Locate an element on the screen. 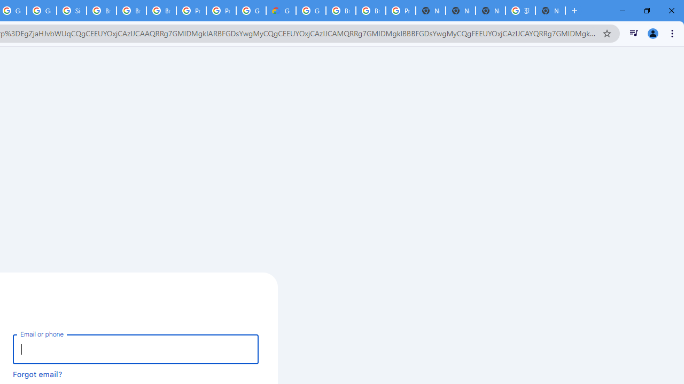 This screenshot has width=684, height=384. 'New Tab' is located at coordinates (550, 11).